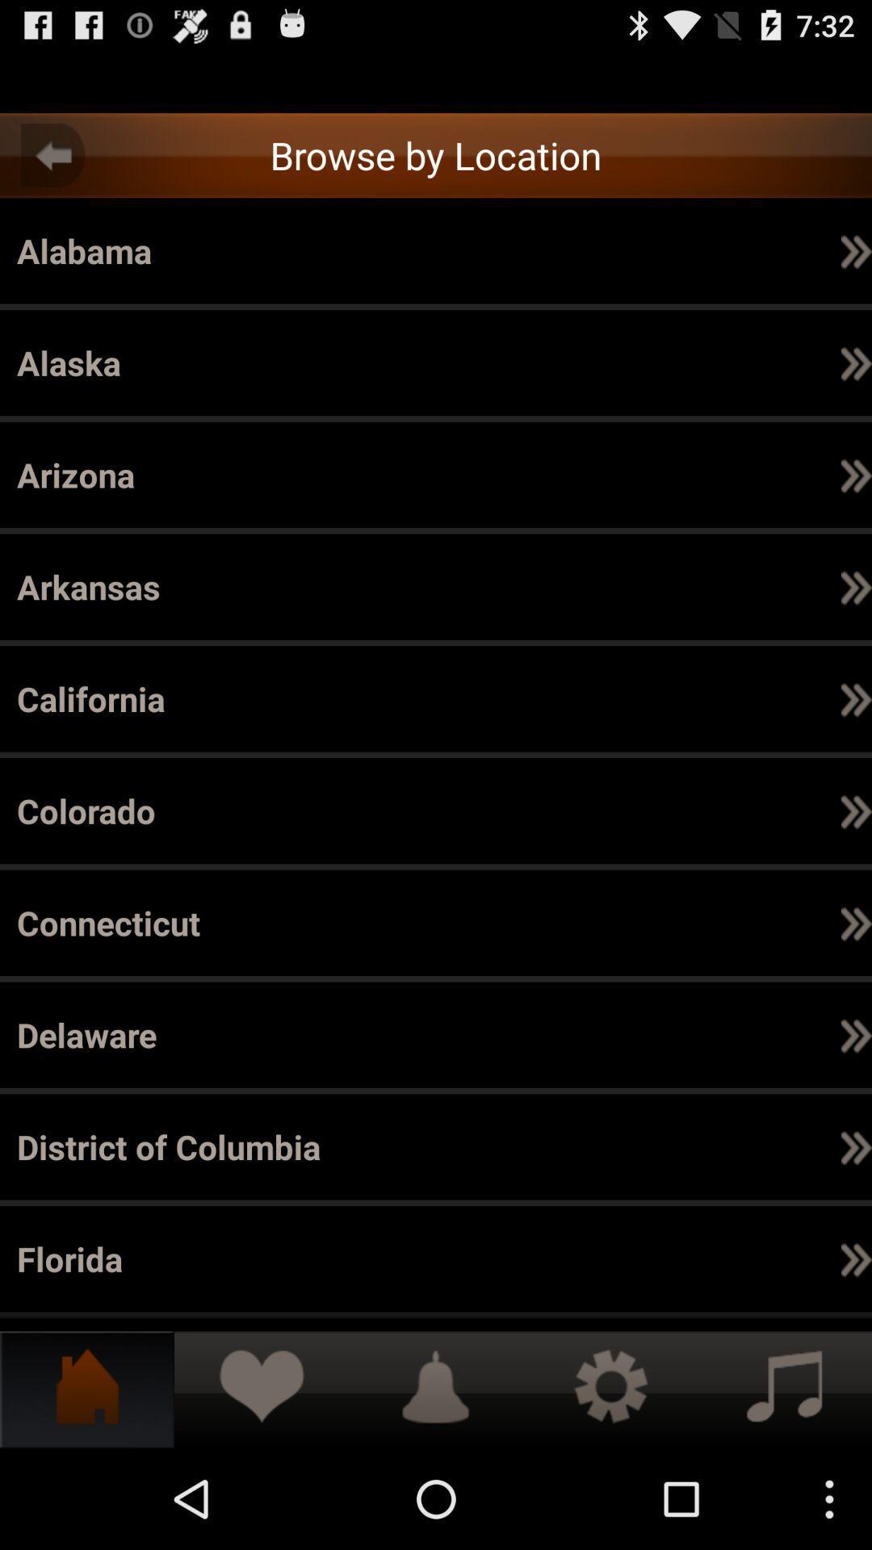  Describe the element at coordinates (700, 923) in the screenshot. I see `the      icon` at that location.